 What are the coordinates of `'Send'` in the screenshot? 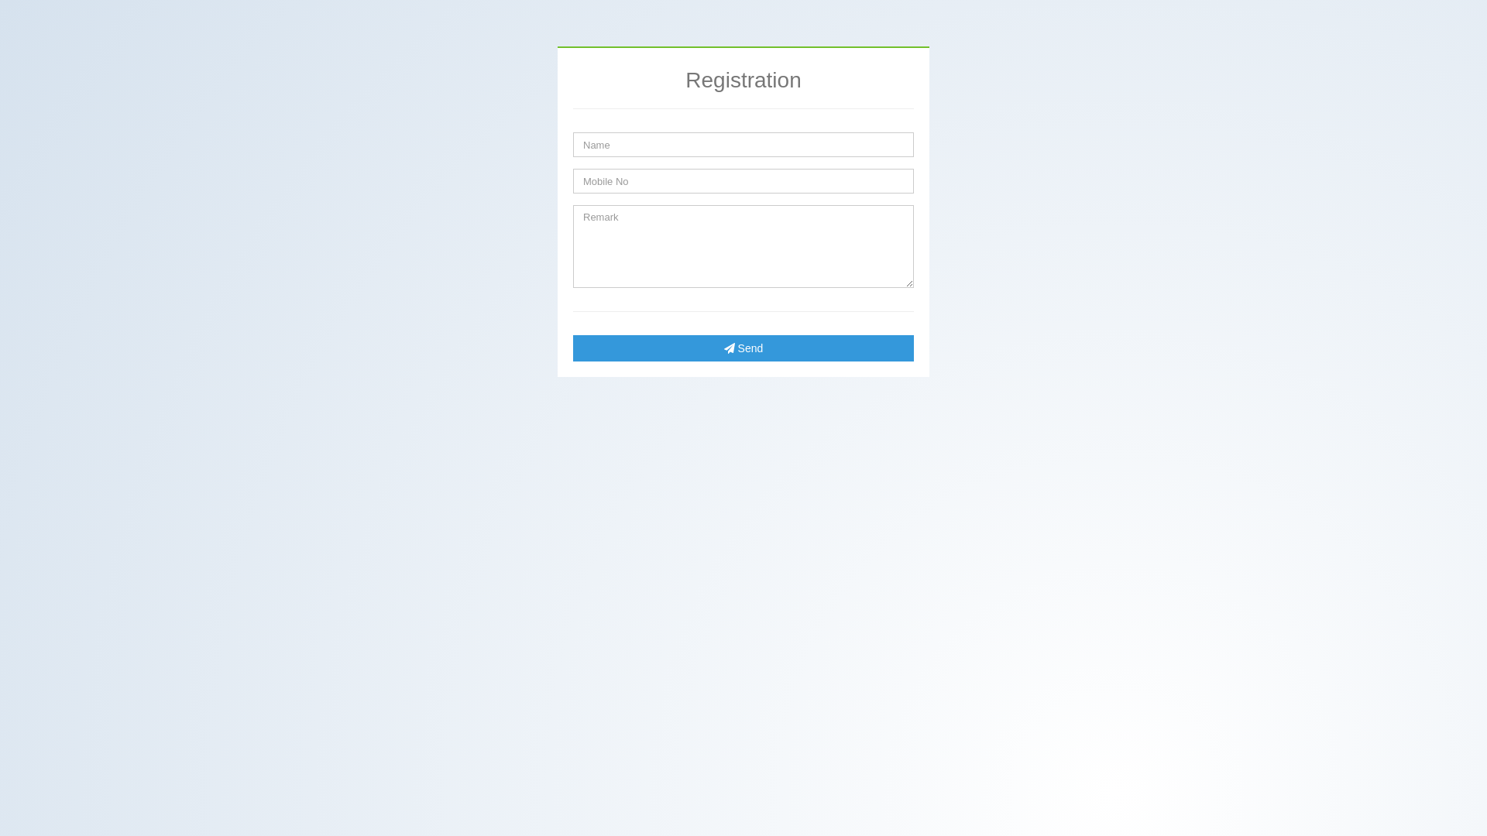 It's located at (743, 348).